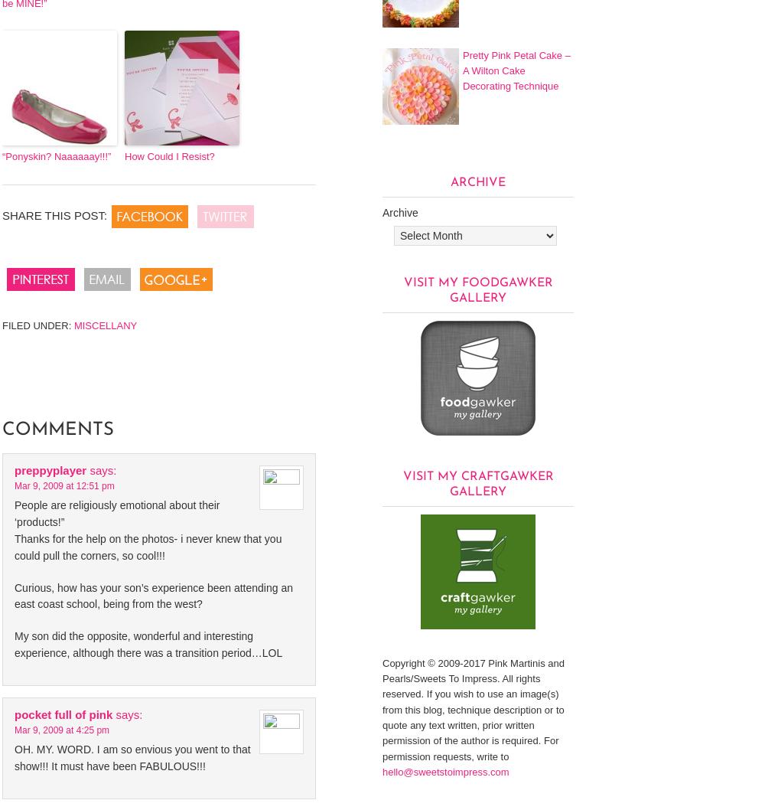 This screenshot has width=765, height=810. Describe the element at coordinates (472, 709) in the screenshot. I see `'Copyright © 2009-2017 Pink Martinis and Pearls/Sweets To Impress.  All rights reserved. If you wish to use an image(s) from this blog, technique description or to quote any text written, prior written permission of the author is required. For permission requests, write to'` at that location.